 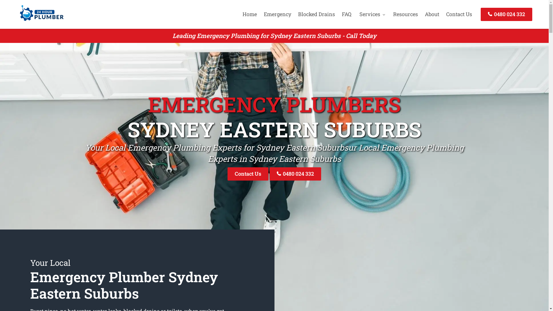 What do you see at coordinates (277, 14) in the screenshot?
I see `'Emergency'` at bounding box center [277, 14].